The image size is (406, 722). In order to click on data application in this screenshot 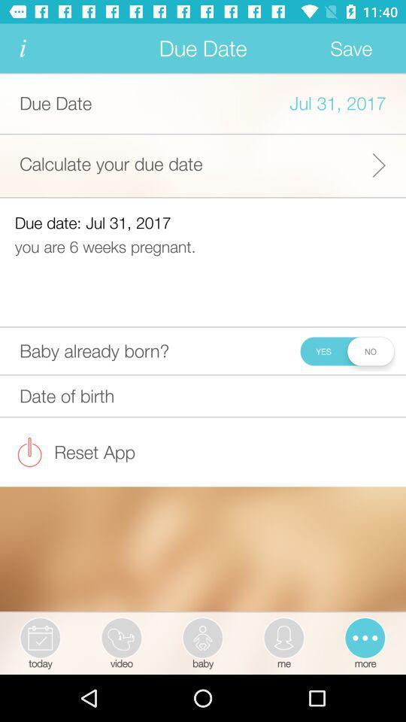, I will do `click(22, 48)`.